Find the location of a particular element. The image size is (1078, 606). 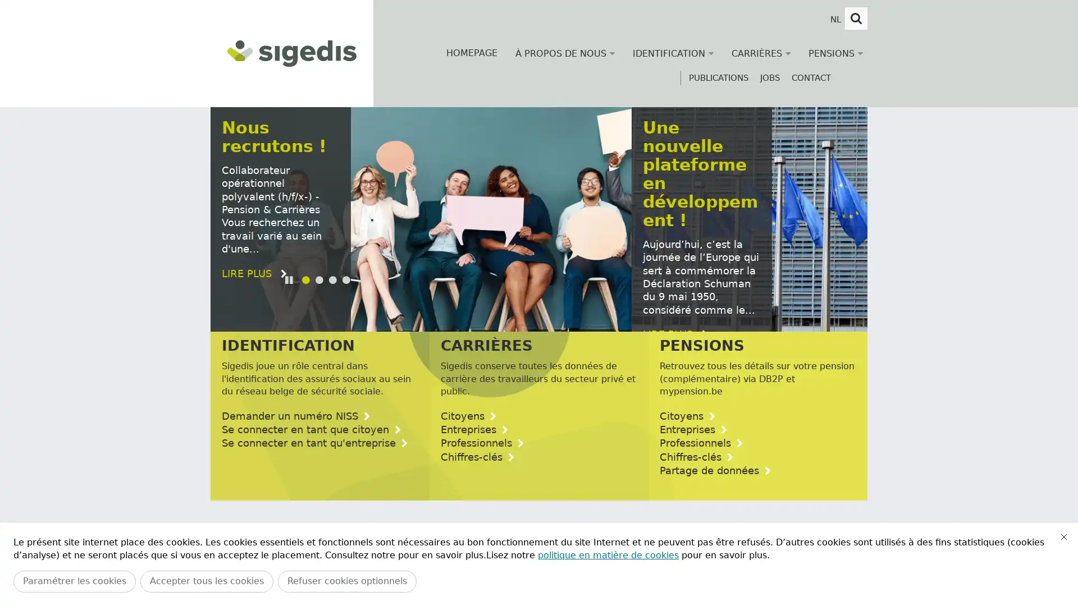

Parametrer les cookies is located at coordinates (74, 581).